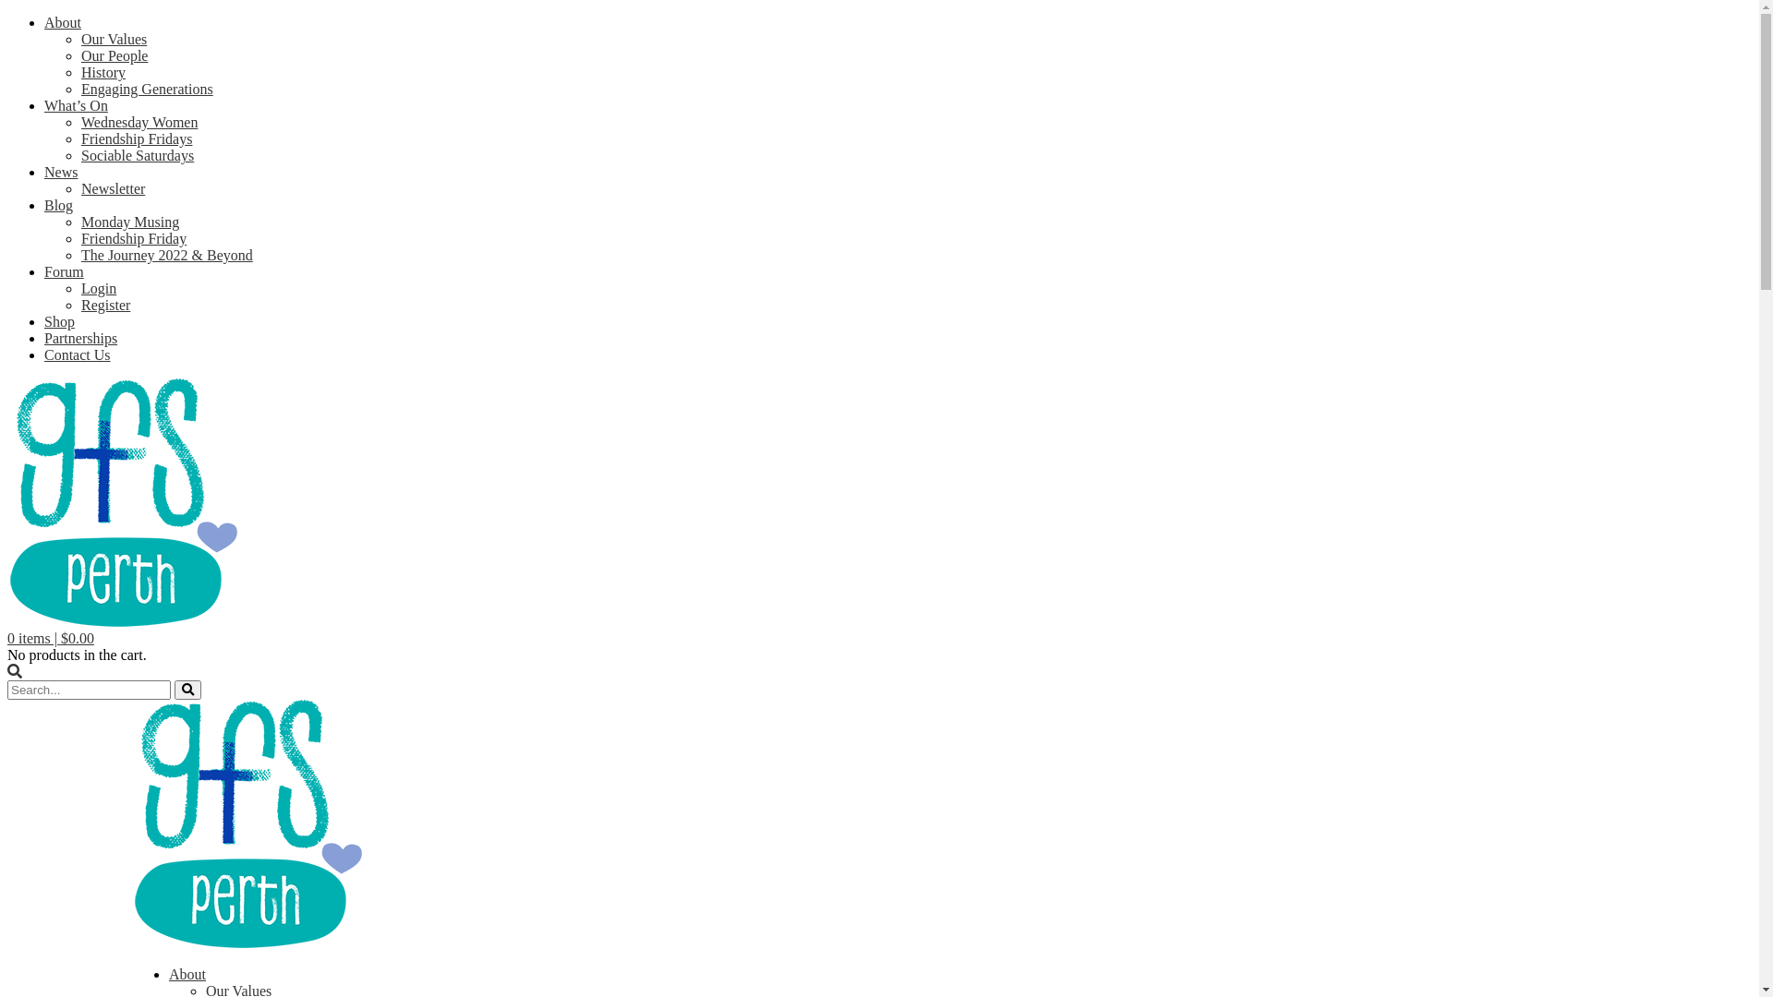 The width and height of the screenshot is (1773, 997). I want to click on 'Engaging Generations', so click(146, 89).